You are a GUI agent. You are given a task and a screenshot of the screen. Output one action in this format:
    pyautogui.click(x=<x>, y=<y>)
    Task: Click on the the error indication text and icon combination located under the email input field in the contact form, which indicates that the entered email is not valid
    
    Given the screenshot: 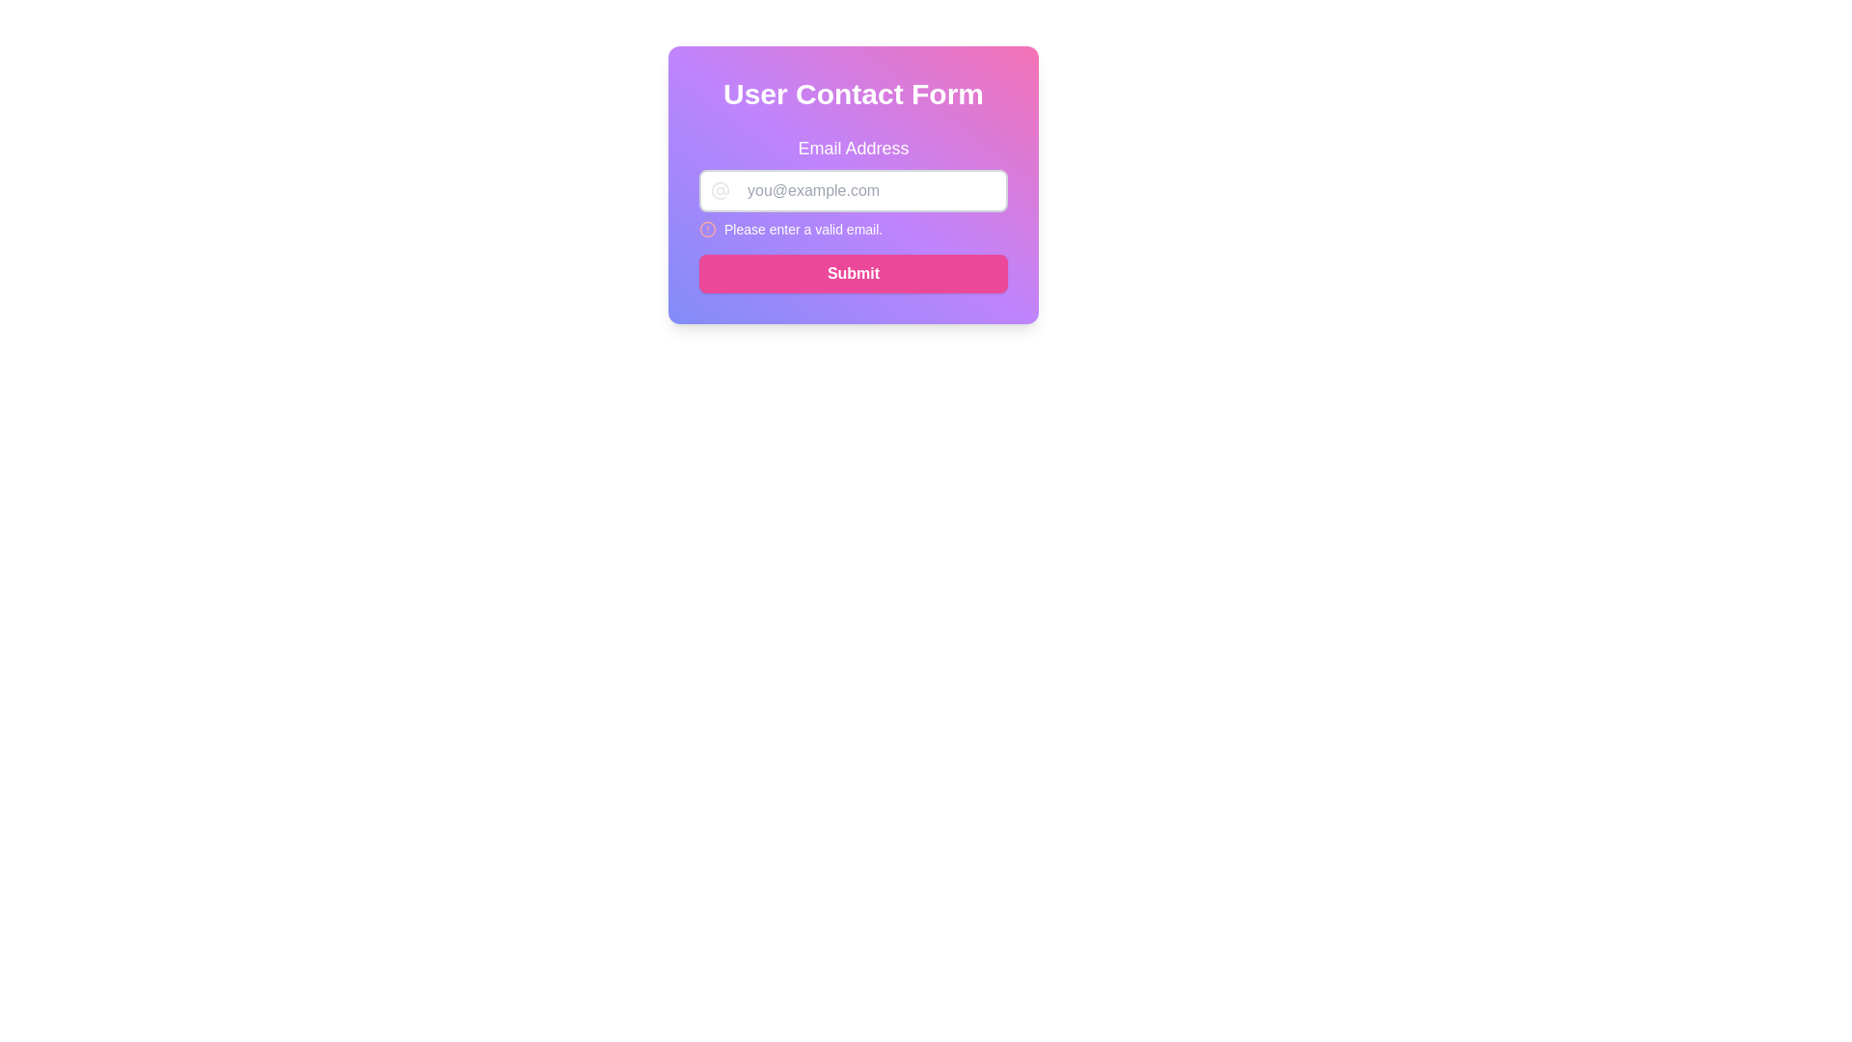 What is the action you would take?
    pyautogui.click(x=852, y=229)
    